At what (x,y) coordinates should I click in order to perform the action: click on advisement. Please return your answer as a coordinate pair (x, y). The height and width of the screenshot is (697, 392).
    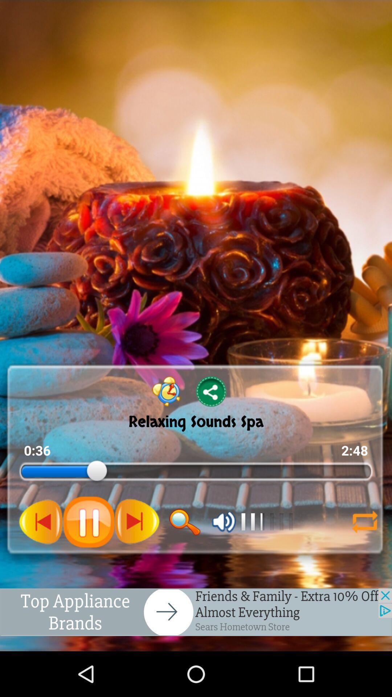
    Looking at the image, I should click on (196, 612).